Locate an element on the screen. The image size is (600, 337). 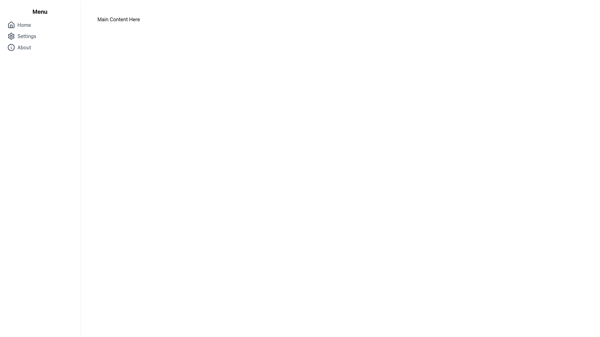
the vertical rectangular shape within the house-shaped icon in the side navigation is located at coordinates (11, 26).